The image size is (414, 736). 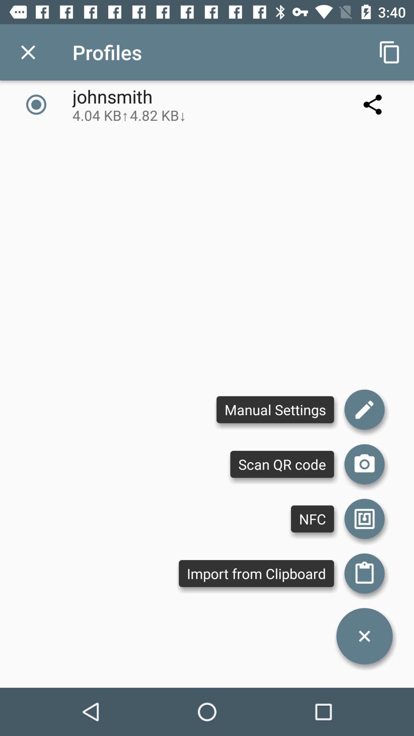 What do you see at coordinates (364, 573) in the screenshot?
I see `paste from clipboard` at bounding box center [364, 573].